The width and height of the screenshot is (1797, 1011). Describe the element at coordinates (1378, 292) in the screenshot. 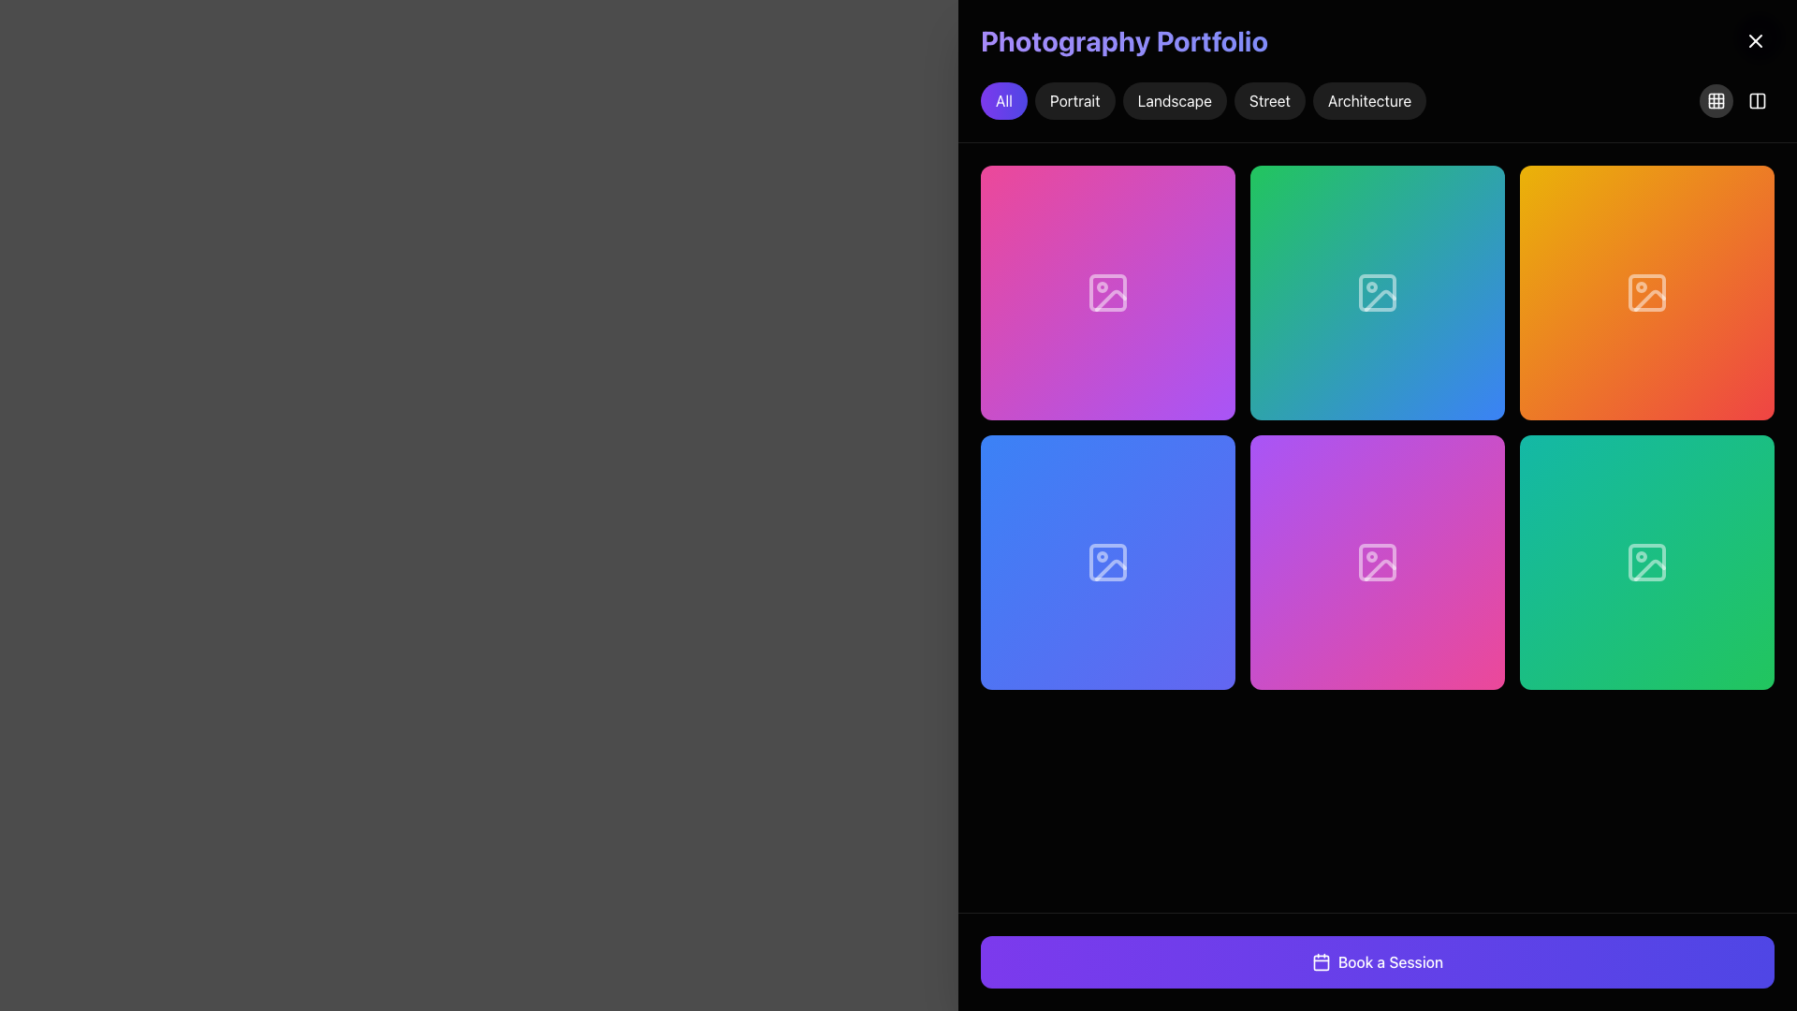

I see `the landscape photograph icon, which is a 24x24-pixel SVG image located in the third column of the first row within a 3x2 grid layout` at that location.